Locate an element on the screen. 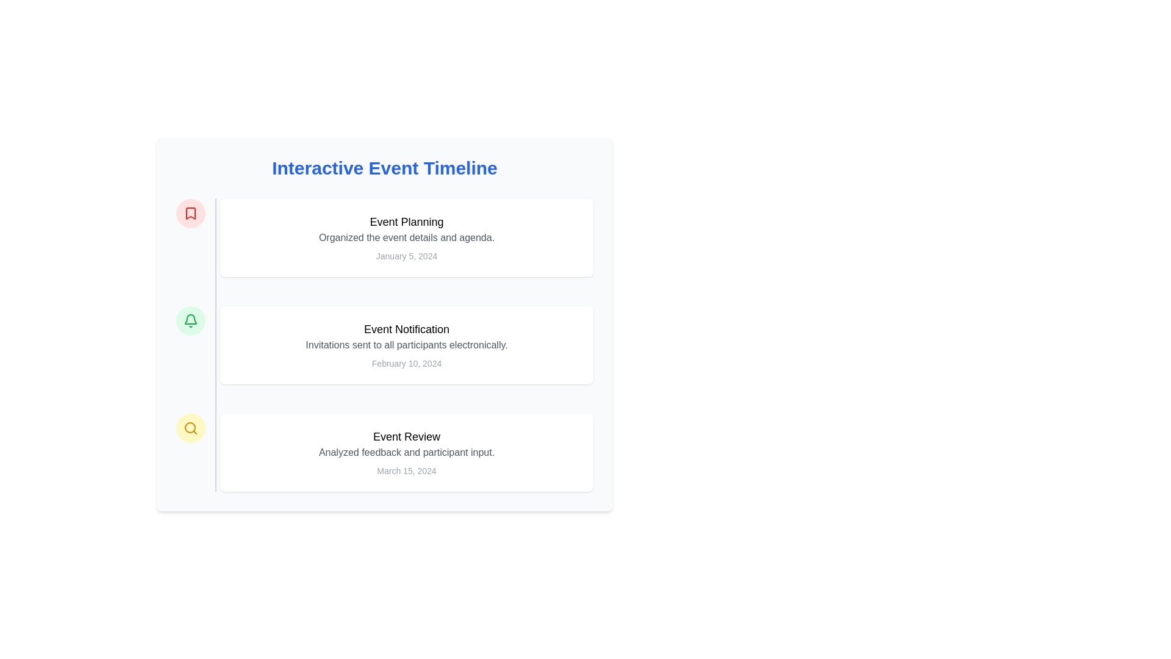 The width and height of the screenshot is (1171, 659). the text label displaying 'February 10, 2024', which is styled in small gray font and positioned at the bottom center of the card layout is located at coordinates (407, 363).